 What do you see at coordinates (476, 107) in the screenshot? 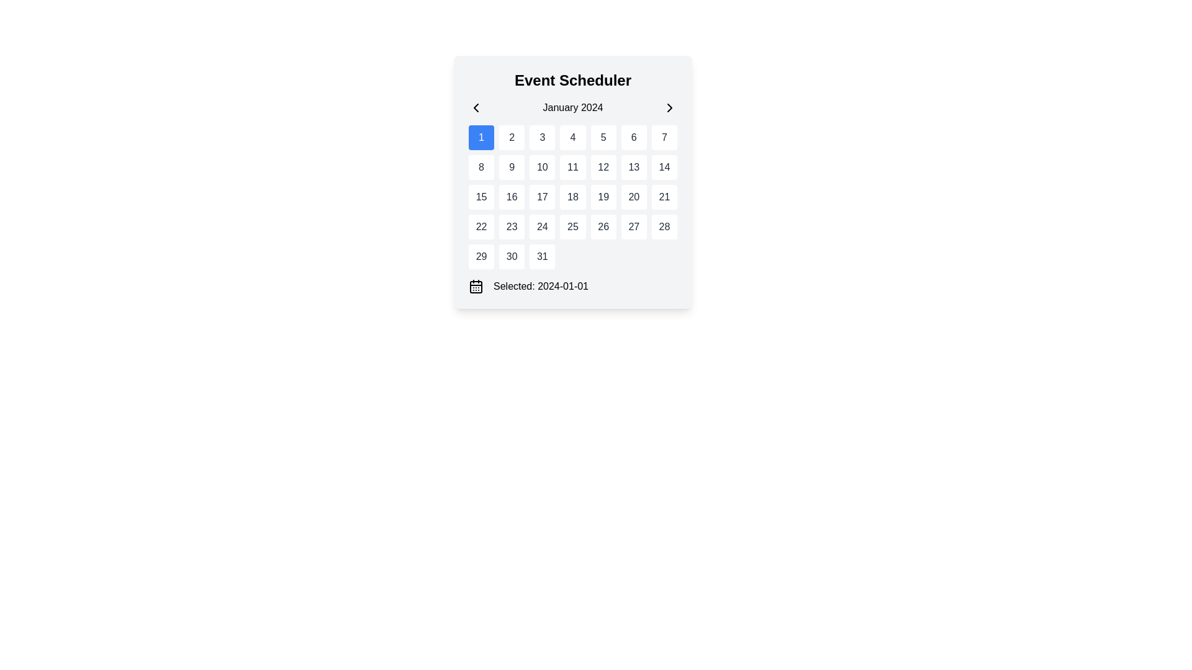
I see `the navigation button to move backward to the previous month in the calendar interface, located to the left of the 'January 2024' text` at bounding box center [476, 107].